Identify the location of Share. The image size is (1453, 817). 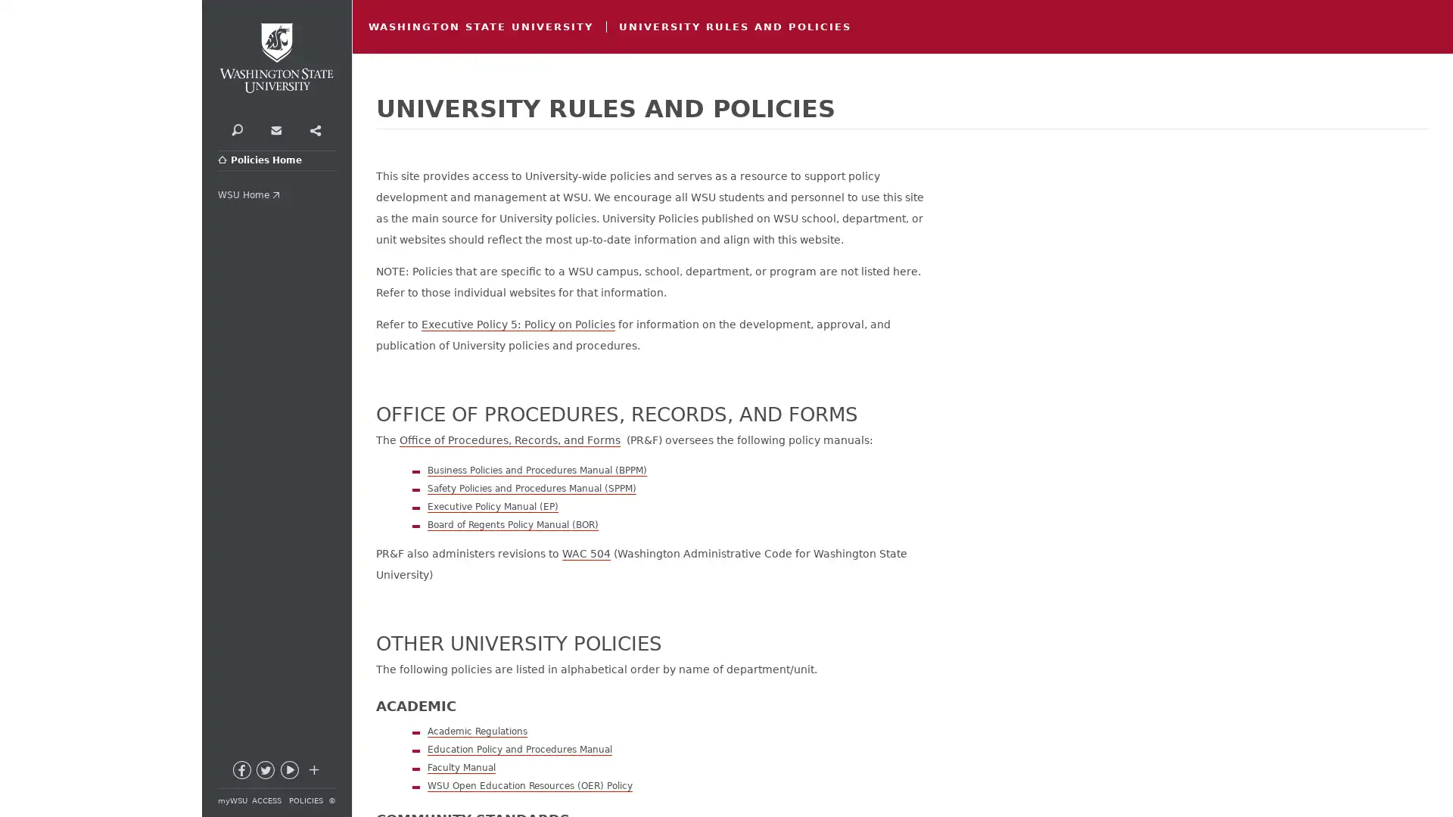
(314, 128).